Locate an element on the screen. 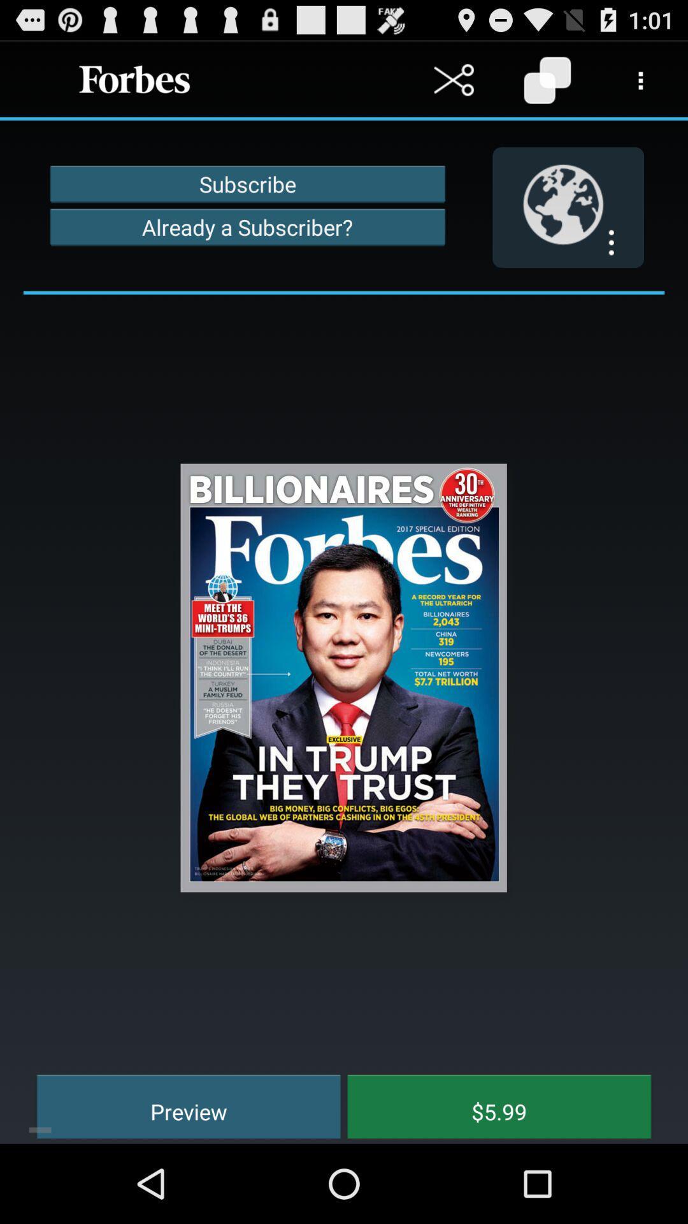 The width and height of the screenshot is (688, 1224). cut button is located at coordinates (453, 79).